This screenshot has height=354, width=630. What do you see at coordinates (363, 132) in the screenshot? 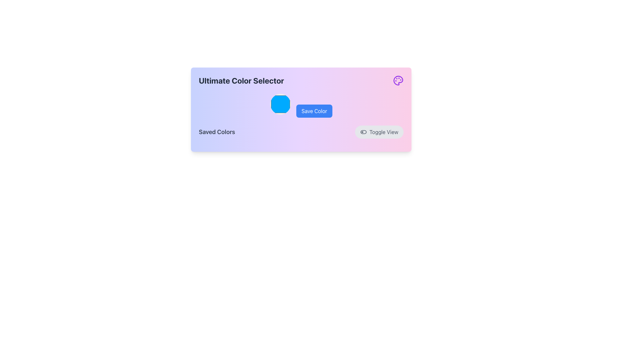
I see `the state of the toggle switch icon, which is a pill-shaped rectangle with a circular knob on the left side, located to the left of the 'Toggle View' button` at bounding box center [363, 132].